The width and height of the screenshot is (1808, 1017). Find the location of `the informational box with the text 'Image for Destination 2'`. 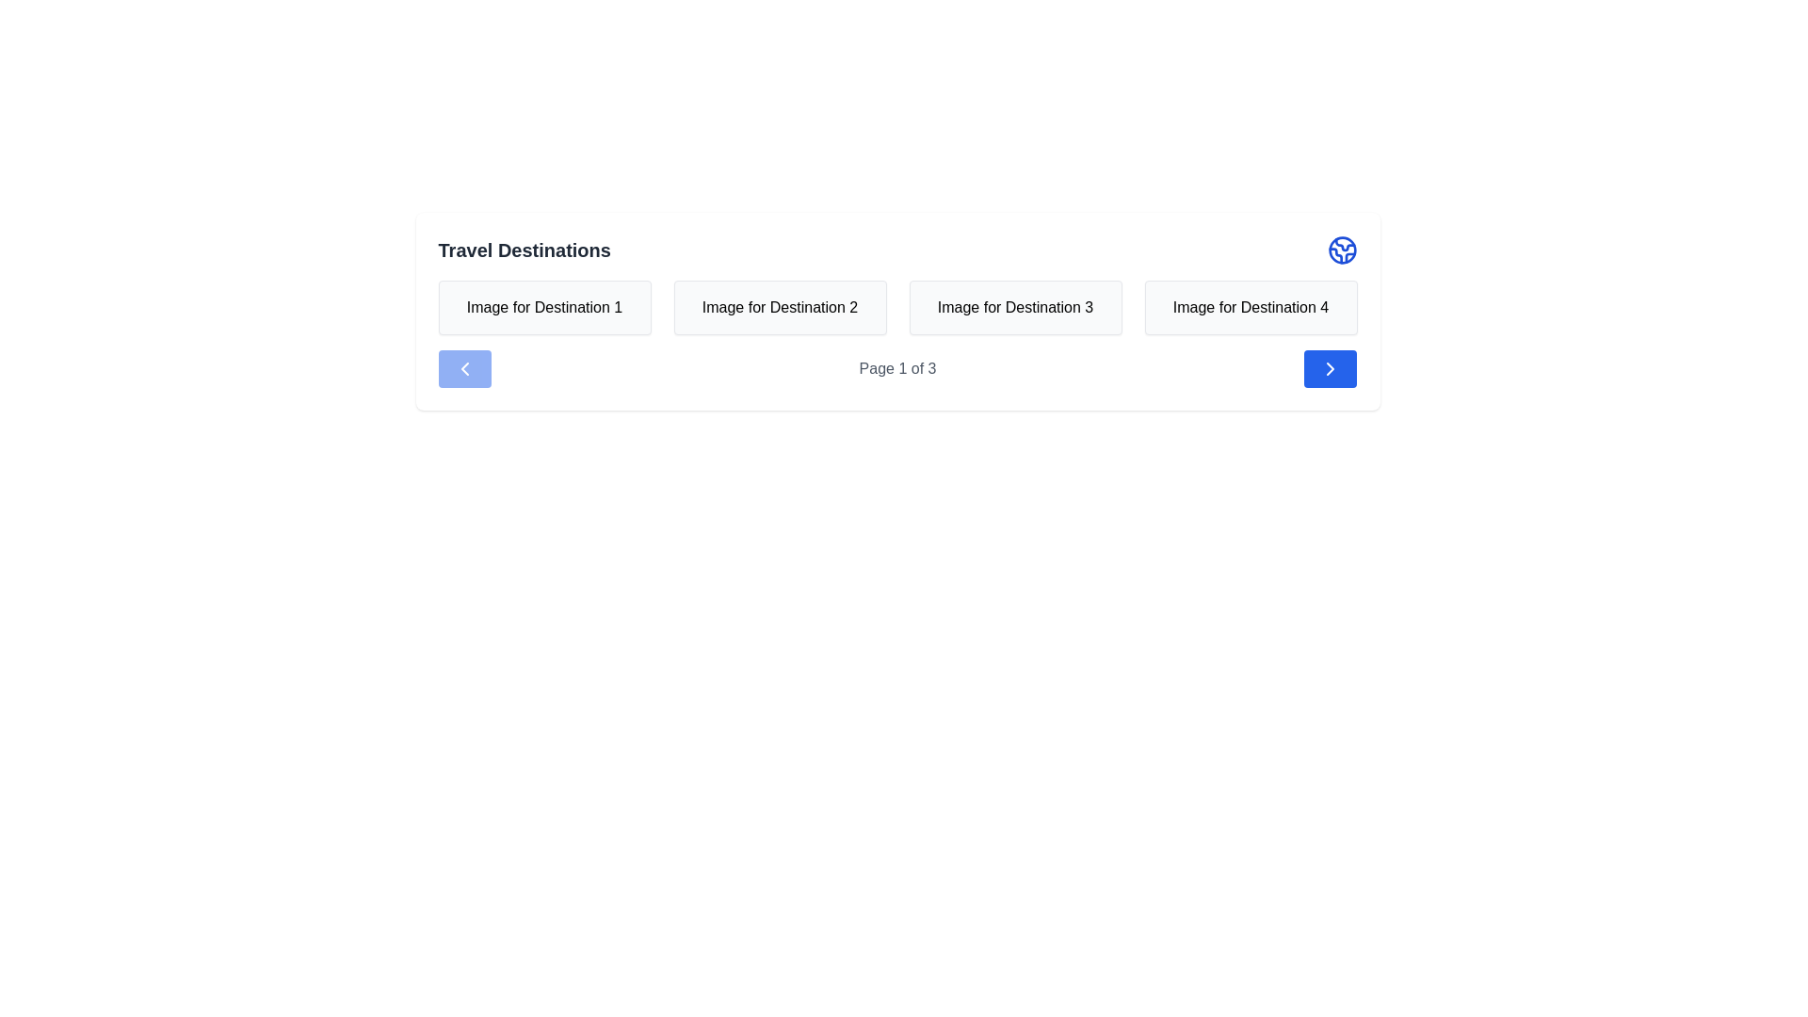

the informational box with the text 'Image for Destination 2' is located at coordinates (780, 307).